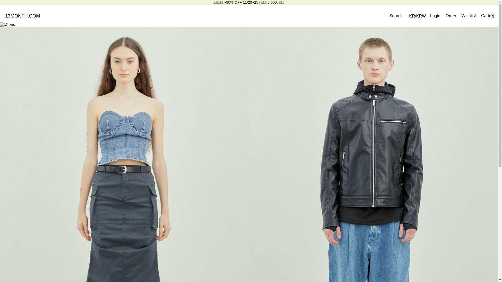 This screenshot has width=502, height=282. What do you see at coordinates (396, 16) in the screenshot?
I see `'Search'` at bounding box center [396, 16].